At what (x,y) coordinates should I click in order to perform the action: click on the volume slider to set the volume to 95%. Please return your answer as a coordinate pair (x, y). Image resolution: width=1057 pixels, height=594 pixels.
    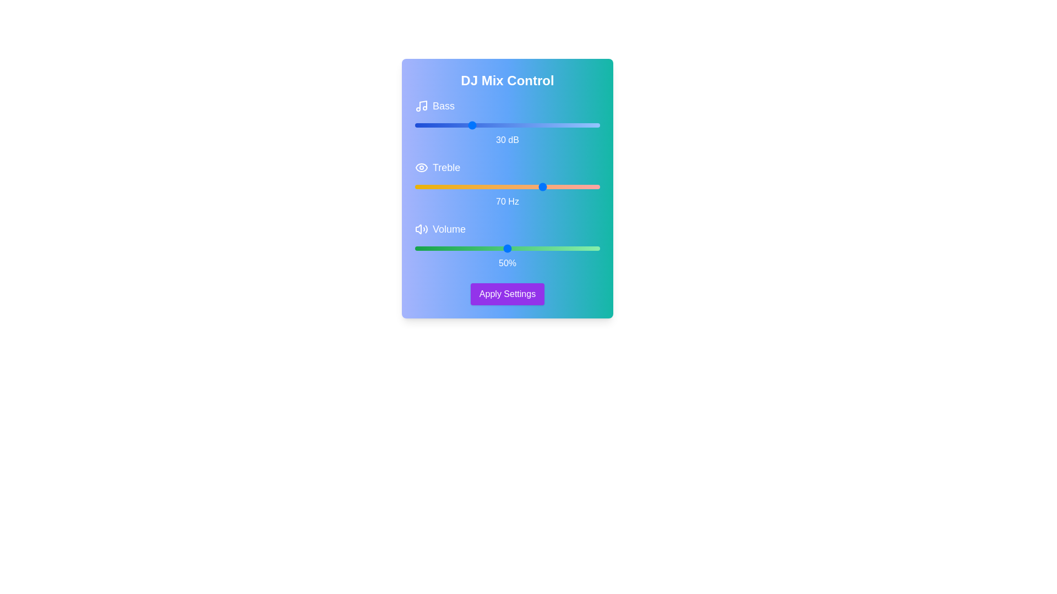
    Looking at the image, I should click on (590, 248).